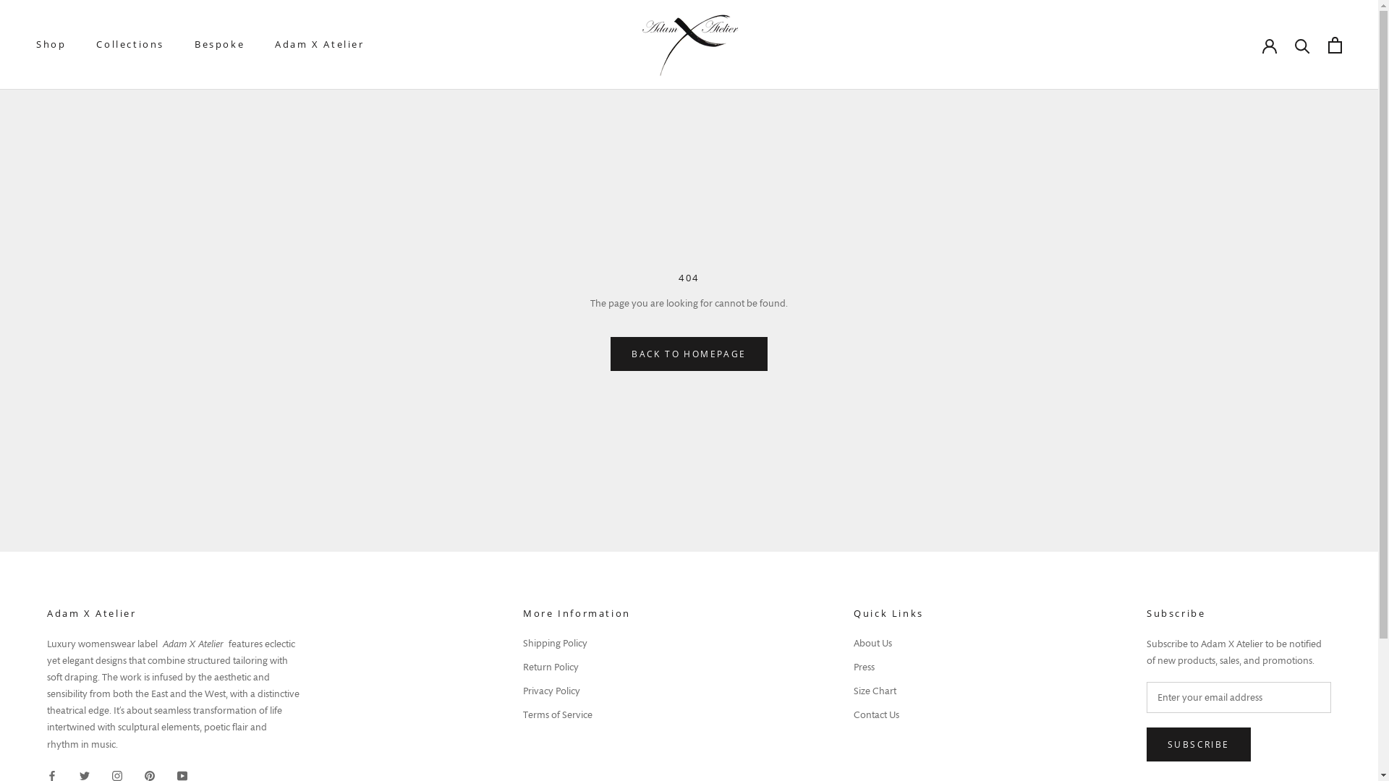 This screenshot has width=1389, height=781. Describe the element at coordinates (130, 43) in the screenshot. I see `'Collections'` at that location.